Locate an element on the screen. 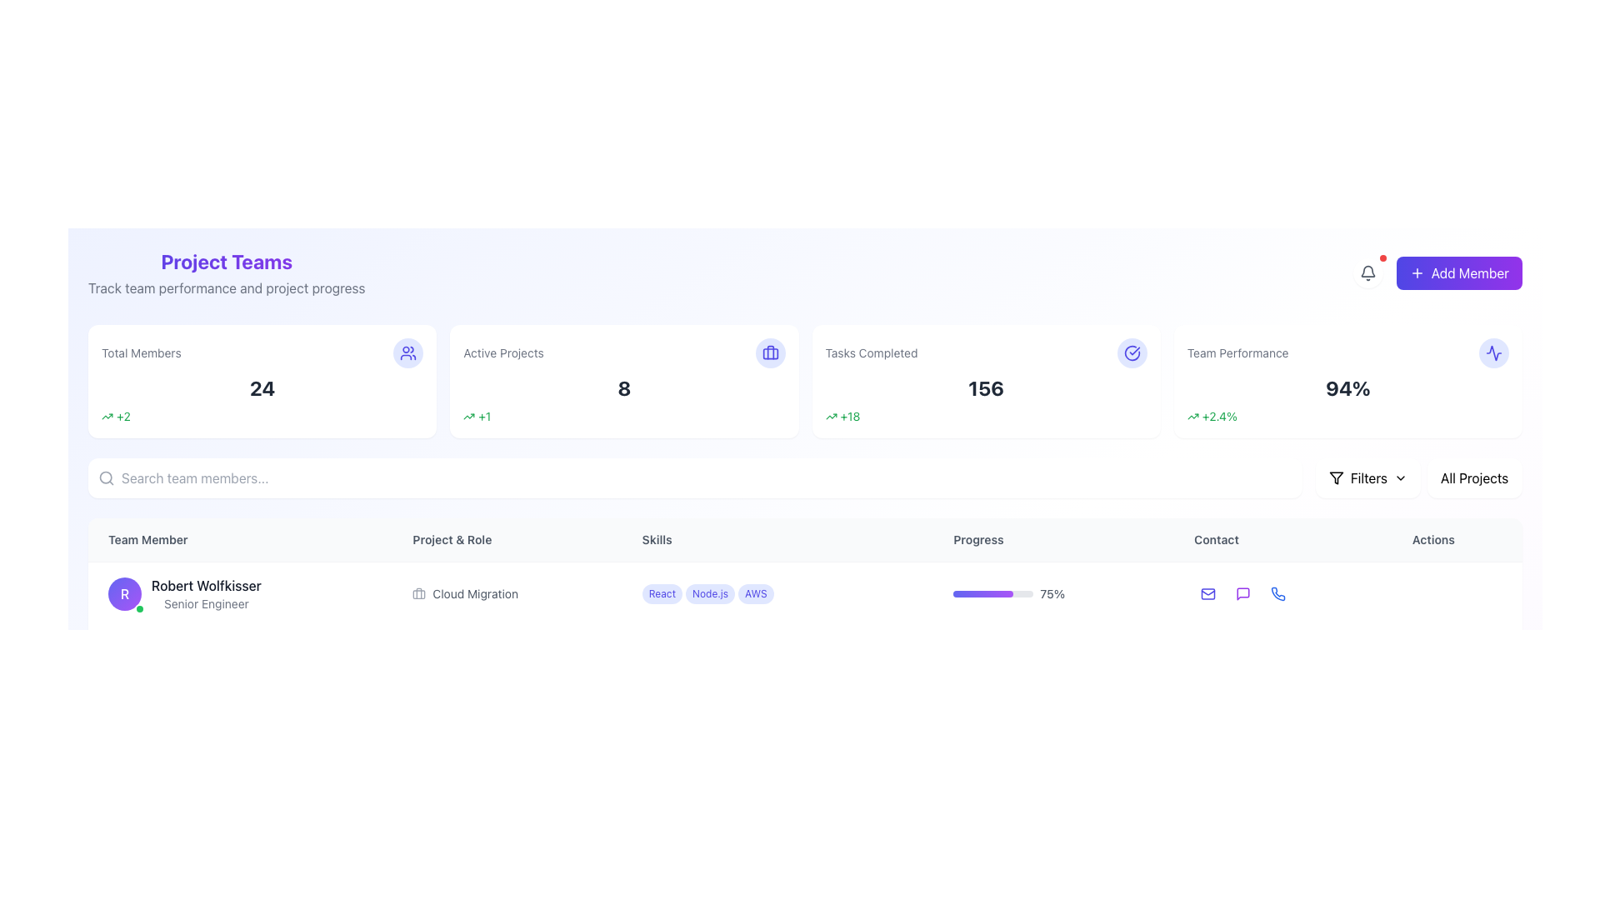 The width and height of the screenshot is (1600, 900). the appearance of the triangular-shaped funnel icon located in the top-right corner of the user interface, near the 'Filters' button is located at coordinates (1336, 478).